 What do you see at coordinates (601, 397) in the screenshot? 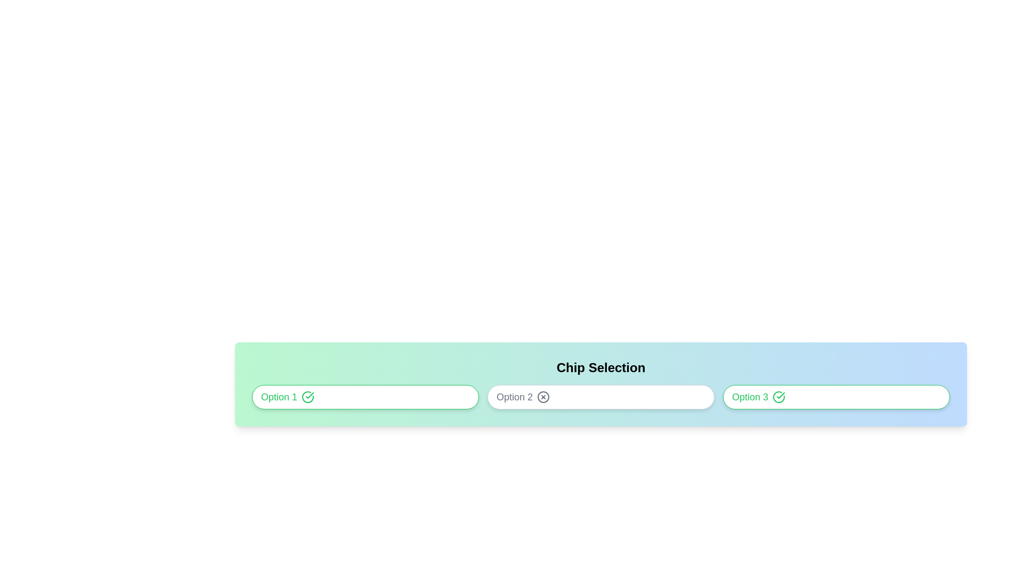
I see `the chip labeled Option 2` at bounding box center [601, 397].